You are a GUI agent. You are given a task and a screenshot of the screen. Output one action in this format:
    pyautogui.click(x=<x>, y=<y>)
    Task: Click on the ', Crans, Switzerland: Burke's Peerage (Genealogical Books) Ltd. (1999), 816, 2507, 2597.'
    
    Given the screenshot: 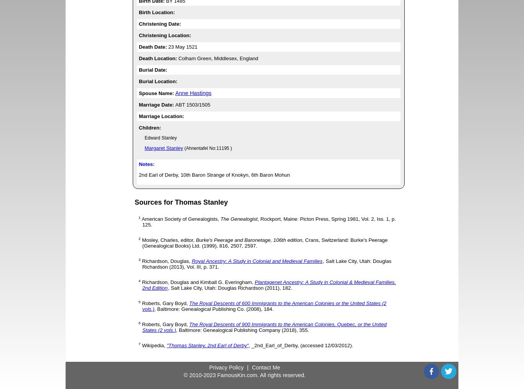 What is the action you would take?
    pyautogui.click(x=265, y=242)
    